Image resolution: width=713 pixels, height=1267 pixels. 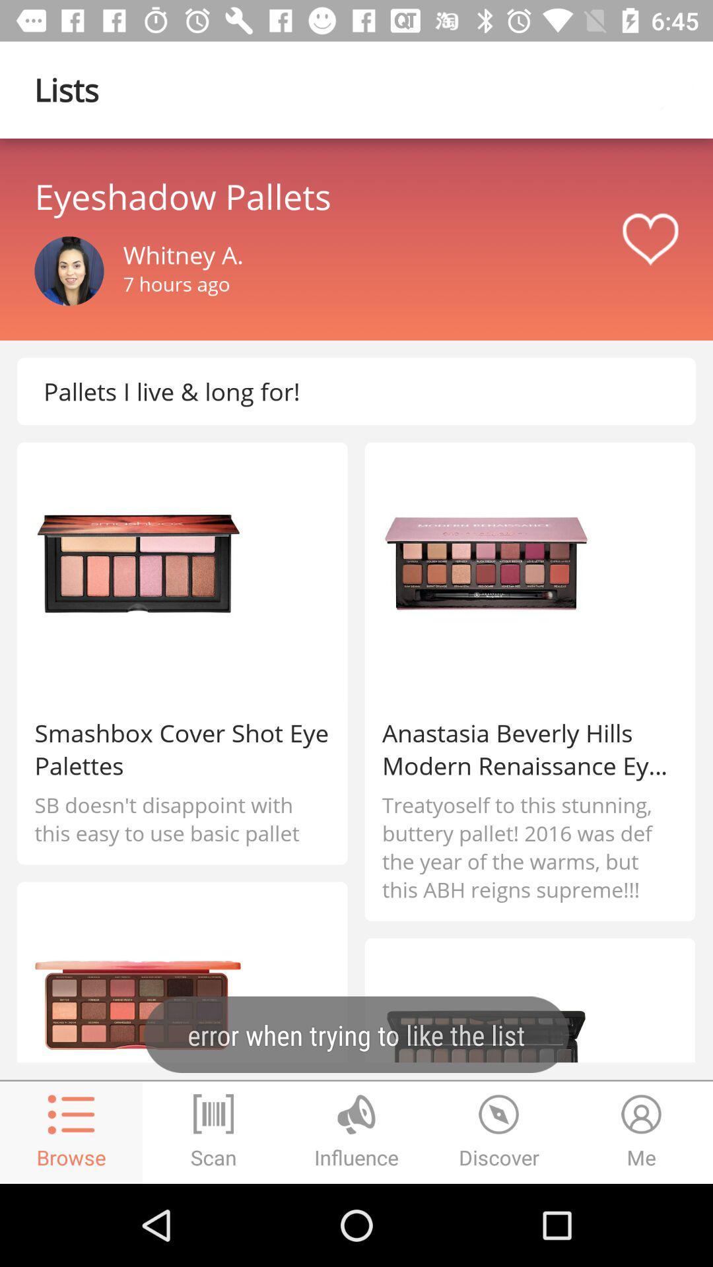 I want to click on icon page, so click(x=678, y=89).